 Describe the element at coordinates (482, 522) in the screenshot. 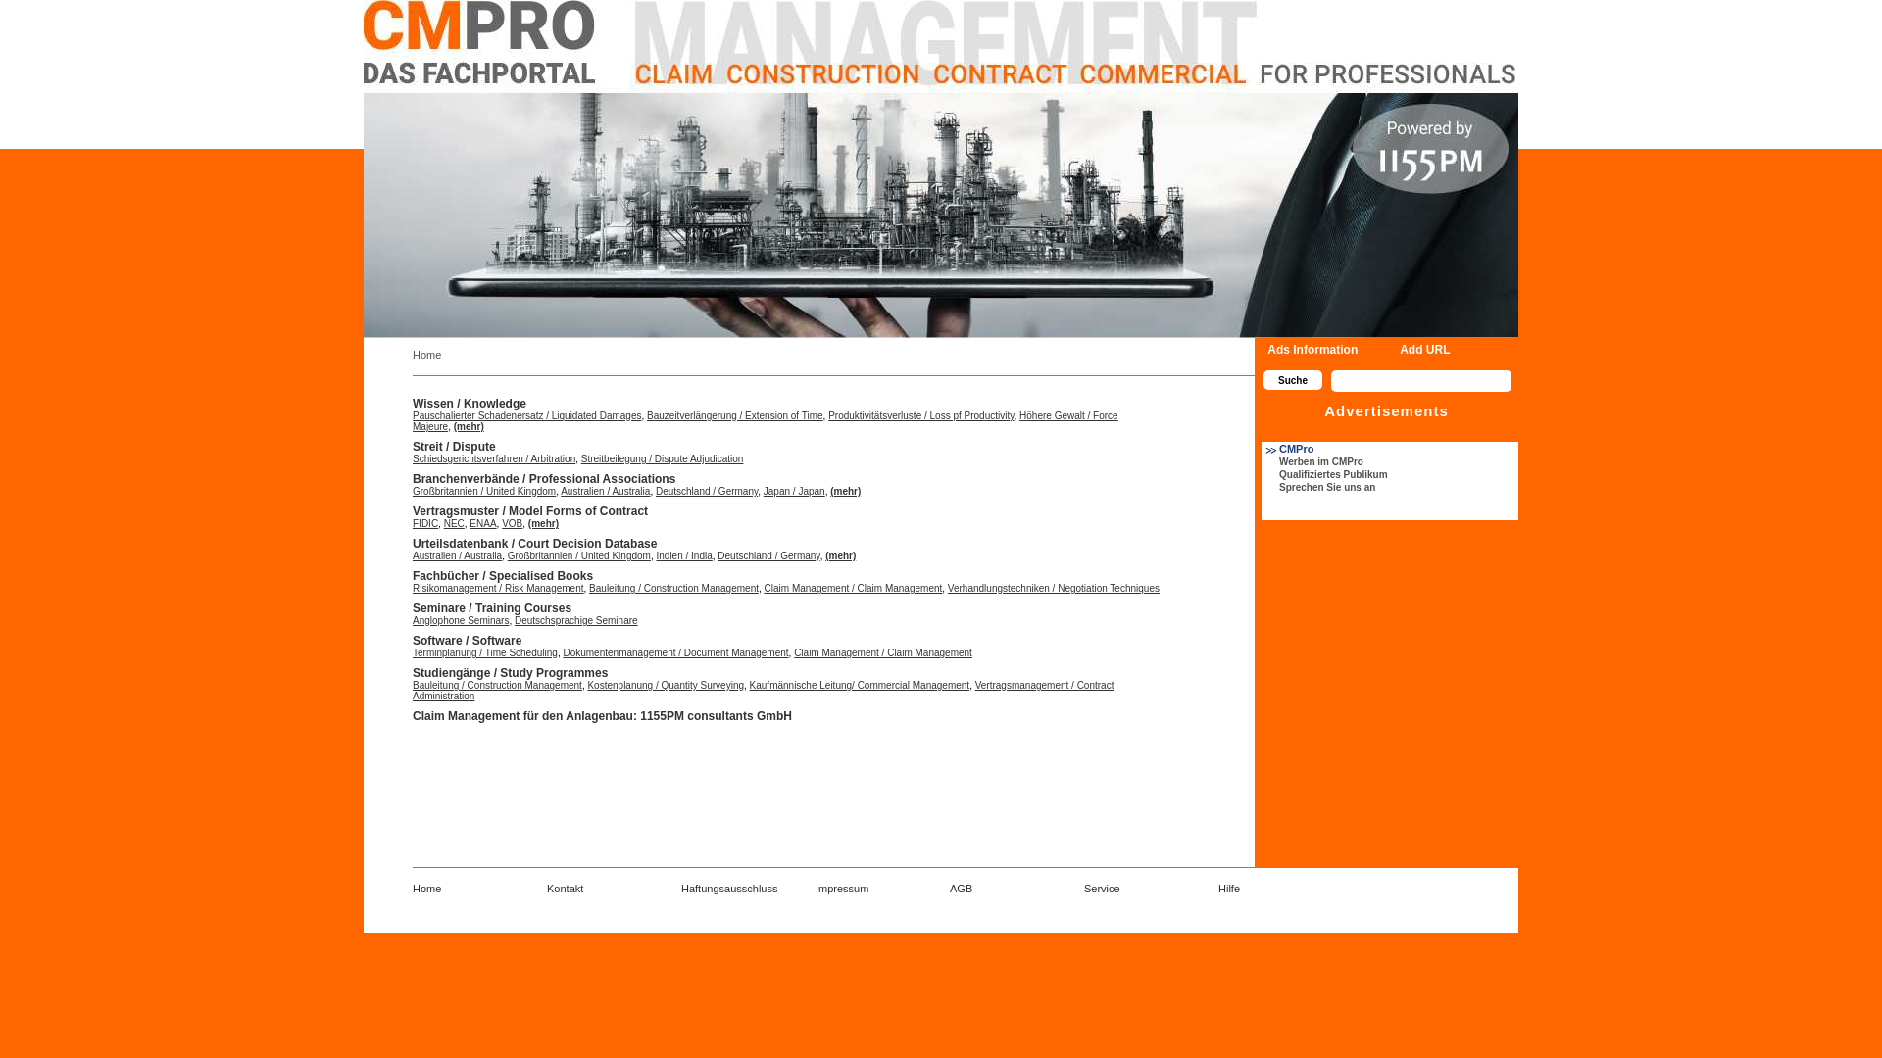

I see `'ENAA'` at that location.